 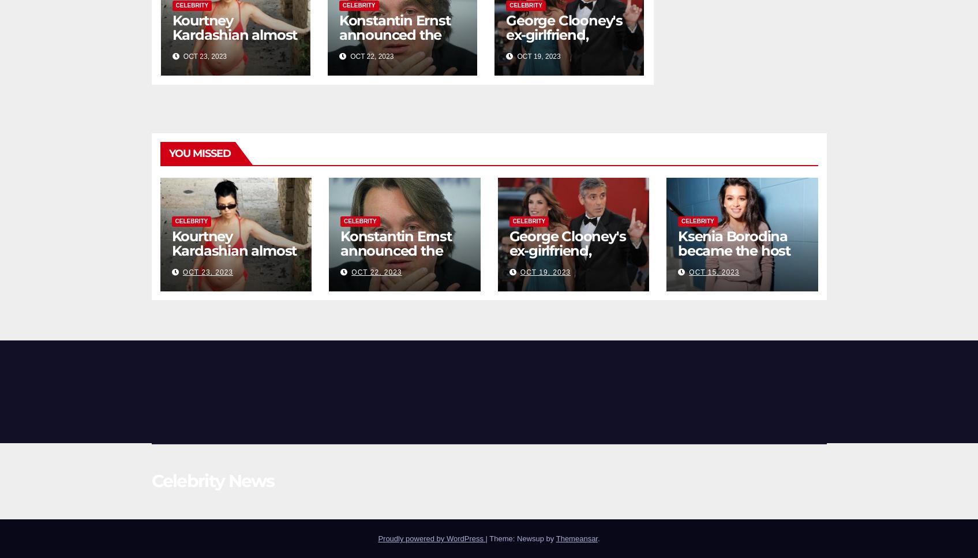 What do you see at coordinates (487, 538) in the screenshot?
I see `'|'` at bounding box center [487, 538].